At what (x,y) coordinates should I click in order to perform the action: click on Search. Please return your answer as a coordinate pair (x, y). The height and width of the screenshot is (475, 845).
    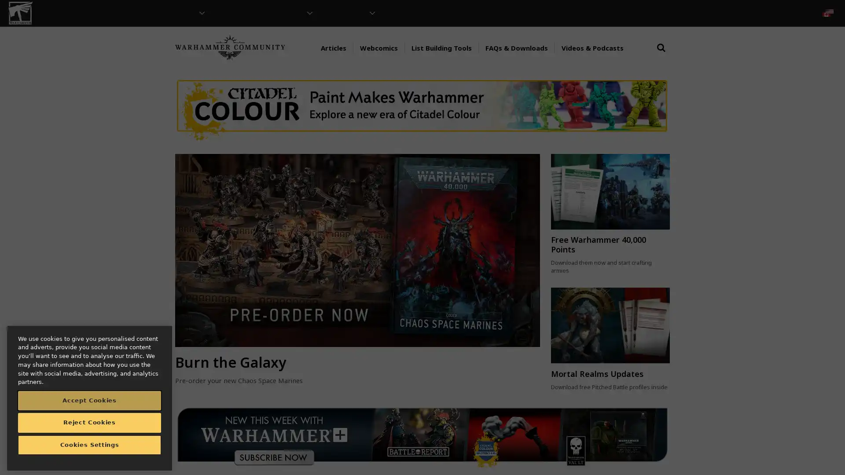
    Looking at the image, I should click on (661, 56).